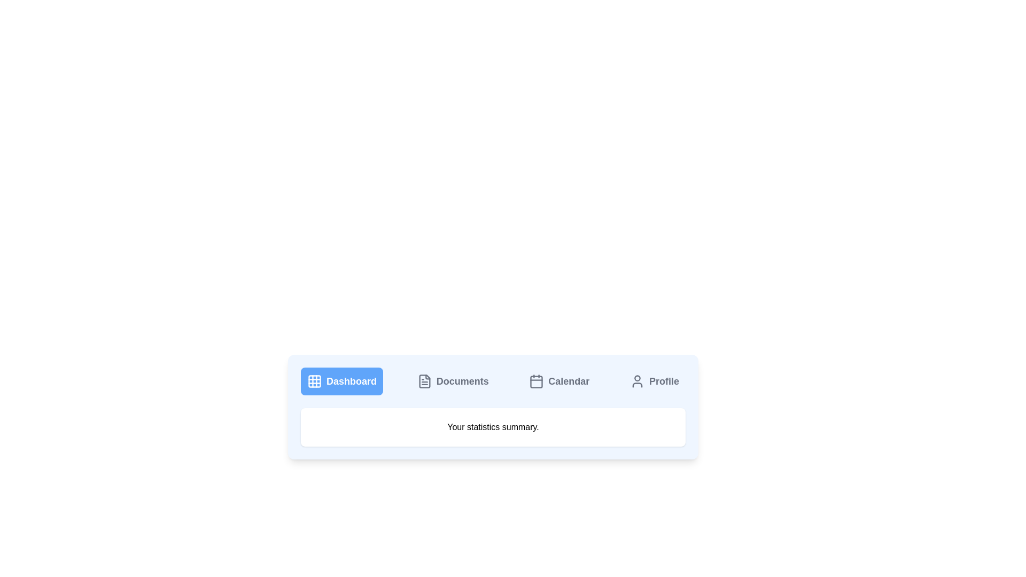  What do you see at coordinates (568, 380) in the screenshot?
I see `the Text label that serves as a navigation element for the calendar section, located in the horizontal navigation bar near the bottom center of the viewport, third option from the left` at bounding box center [568, 380].